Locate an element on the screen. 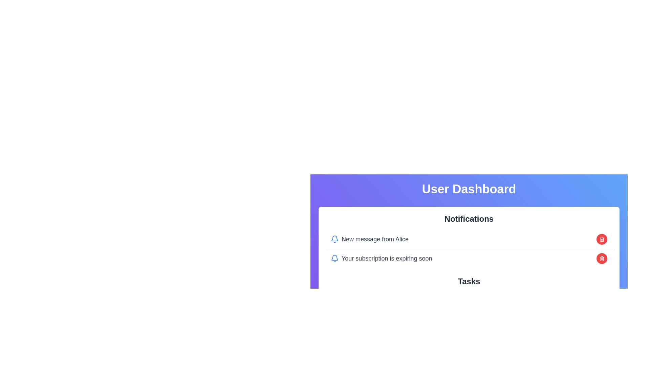  the red trash can icon button located on the right of the second notification row in the notification section of the dashboard is located at coordinates (602, 239).